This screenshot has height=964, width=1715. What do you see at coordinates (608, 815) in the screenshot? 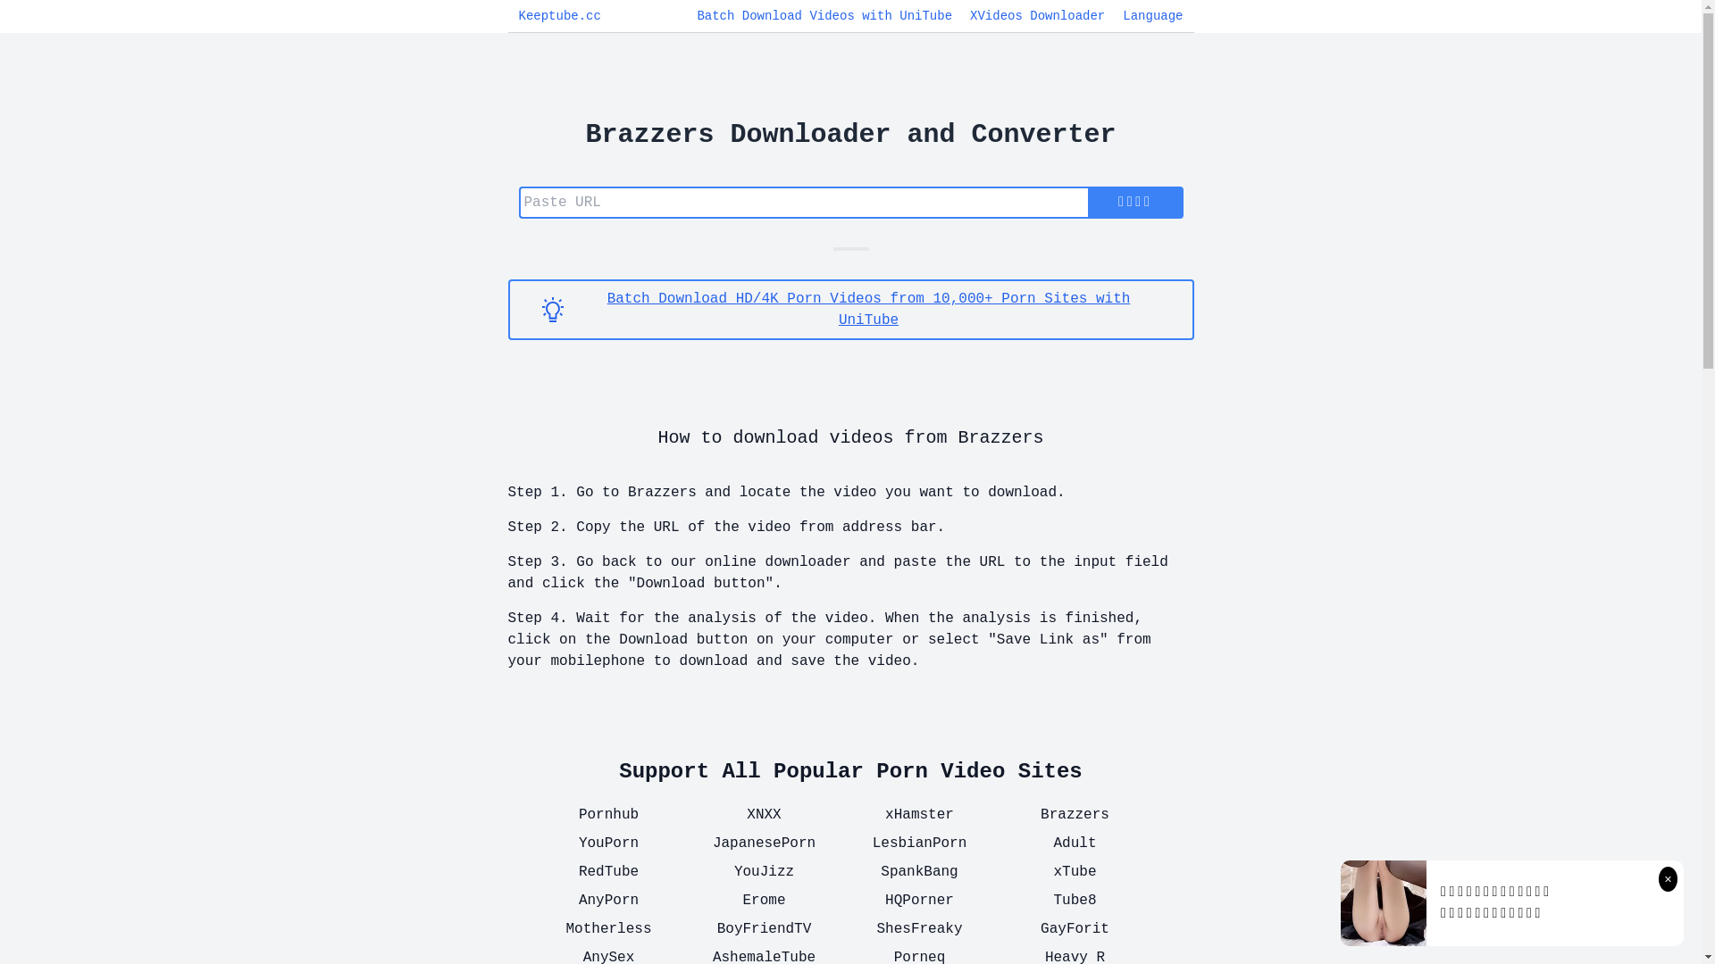
I see `'Pornhub'` at bounding box center [608, 815].